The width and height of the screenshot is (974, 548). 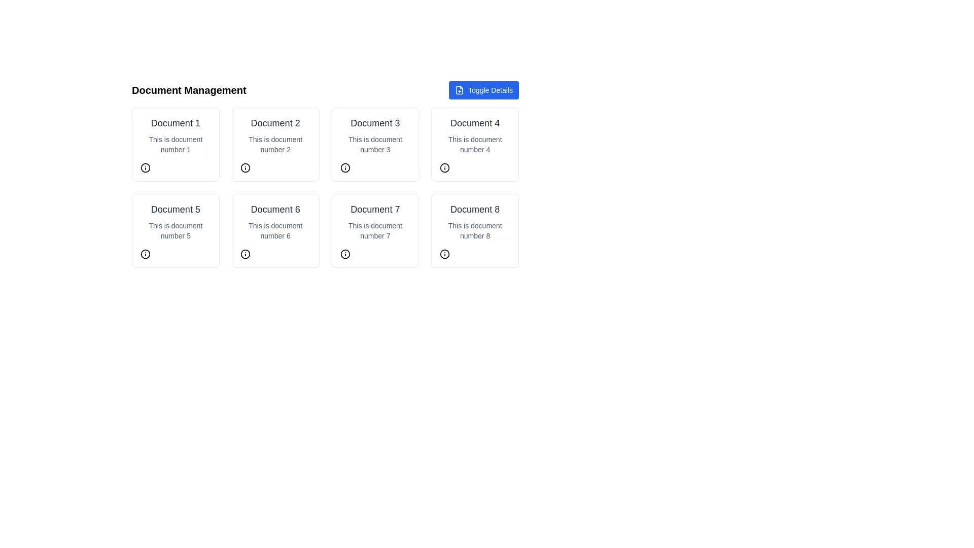 What do you see at coordinates (176, 145) in the screenshot?
I see `the first card representing 'Document 1'` at bounding box center [176, 145].